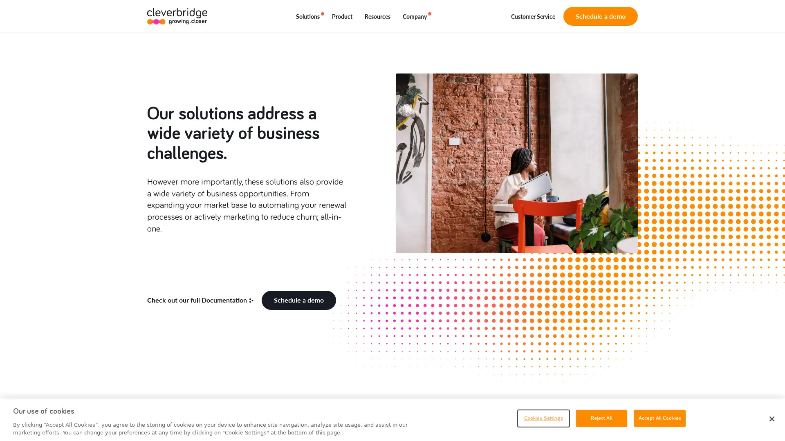 The width and height of the screenshot is (785, 441). What do you see at coordinates (543, 418) in the screenshot?
I see `Cookies Settings` at bounding box center [543, 418].